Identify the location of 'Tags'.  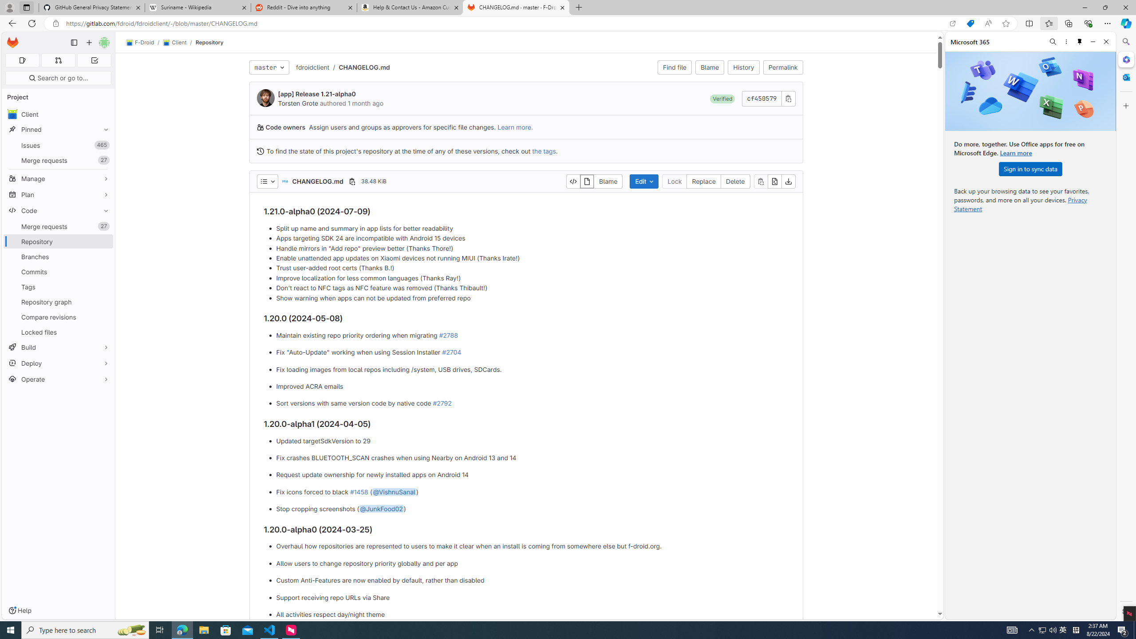
(58, 287).